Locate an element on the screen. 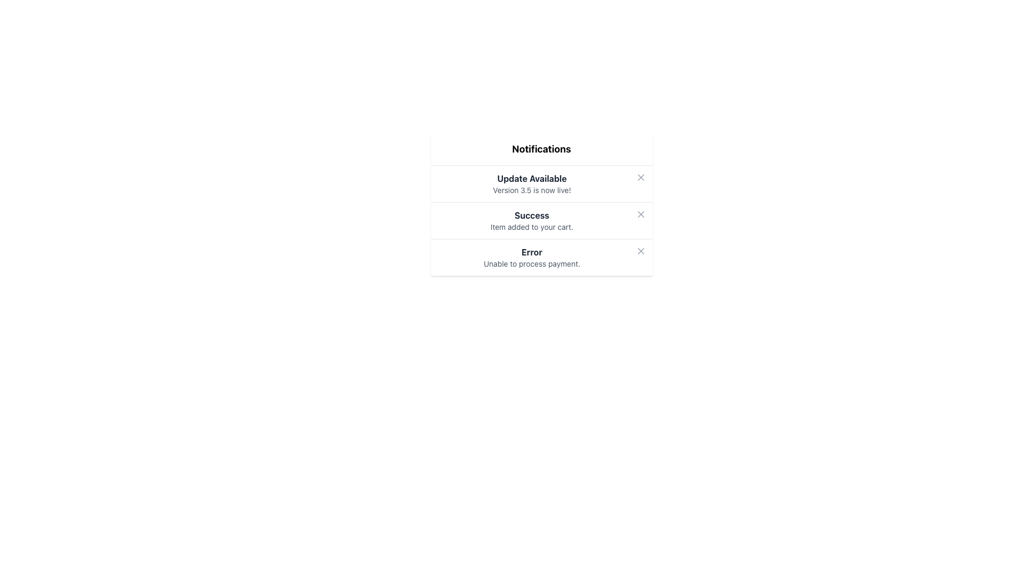  informational message indicating an error occurred in processing a payment from the main textual content of the third notification card, positioned centrally below the title and above the close button is located at coordinates (532, 257).